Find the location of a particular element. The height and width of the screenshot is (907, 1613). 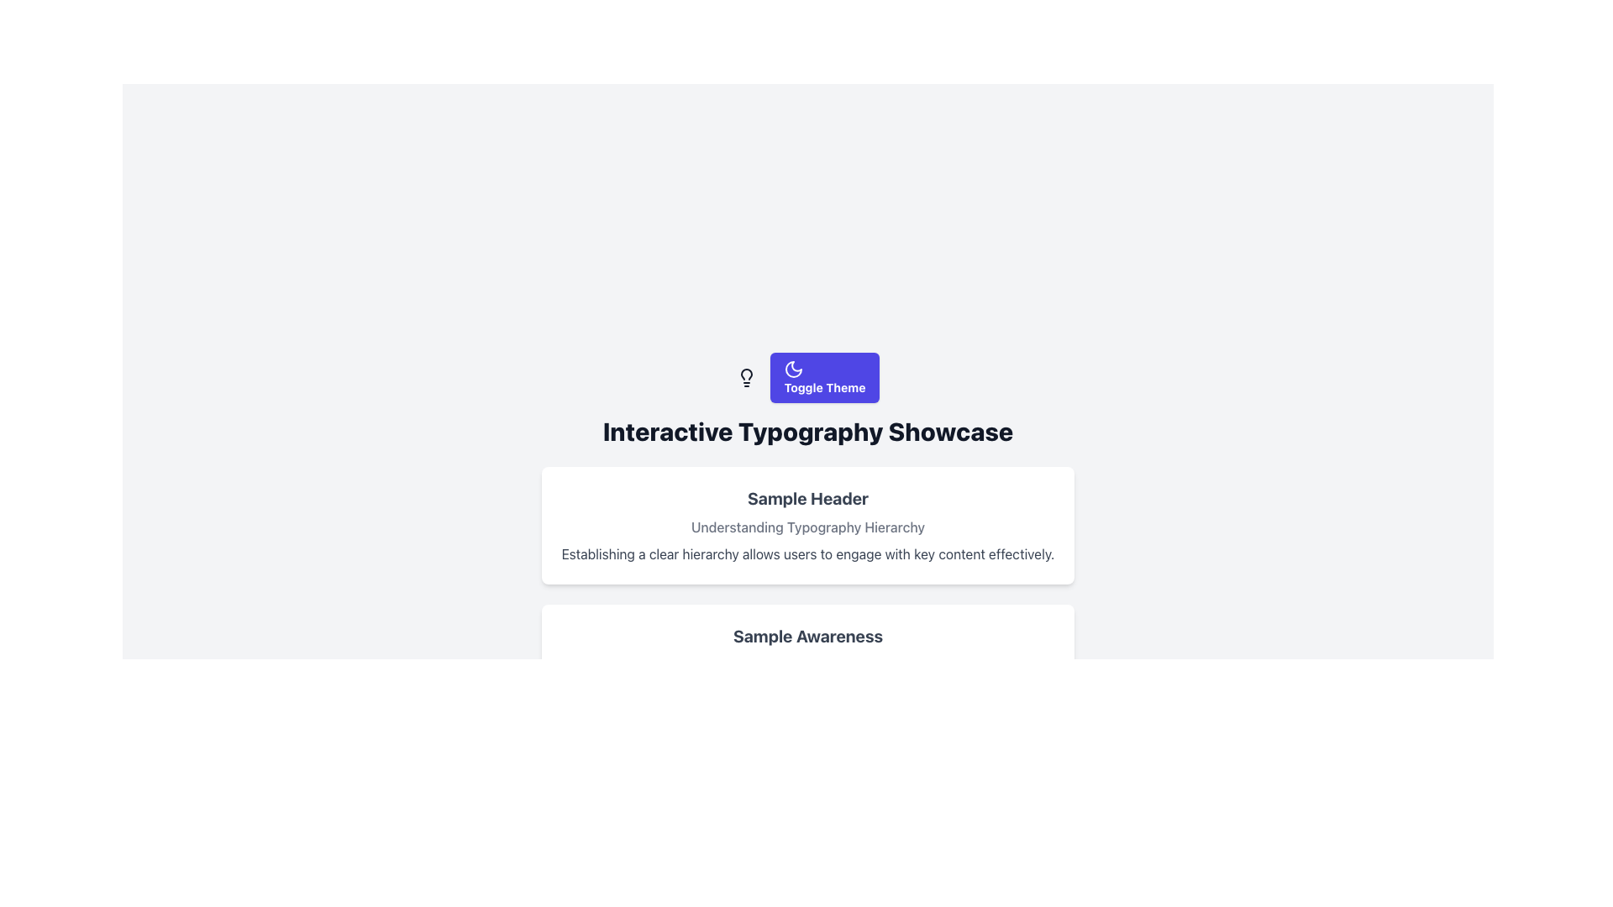

crescent moon icon within the 'Toggle Theme' button using developer tools is located at coordinates (793, 368).